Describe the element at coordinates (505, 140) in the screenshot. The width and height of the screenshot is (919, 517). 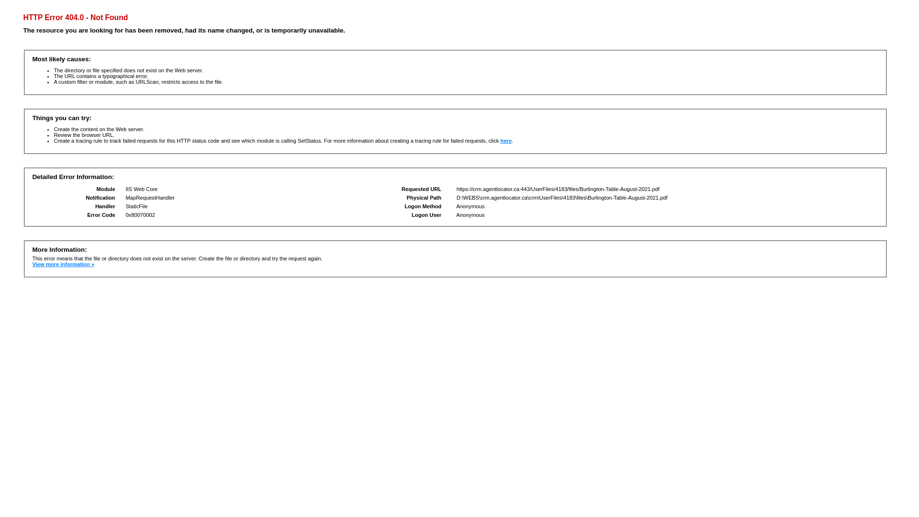
I see `'here'` at that location.